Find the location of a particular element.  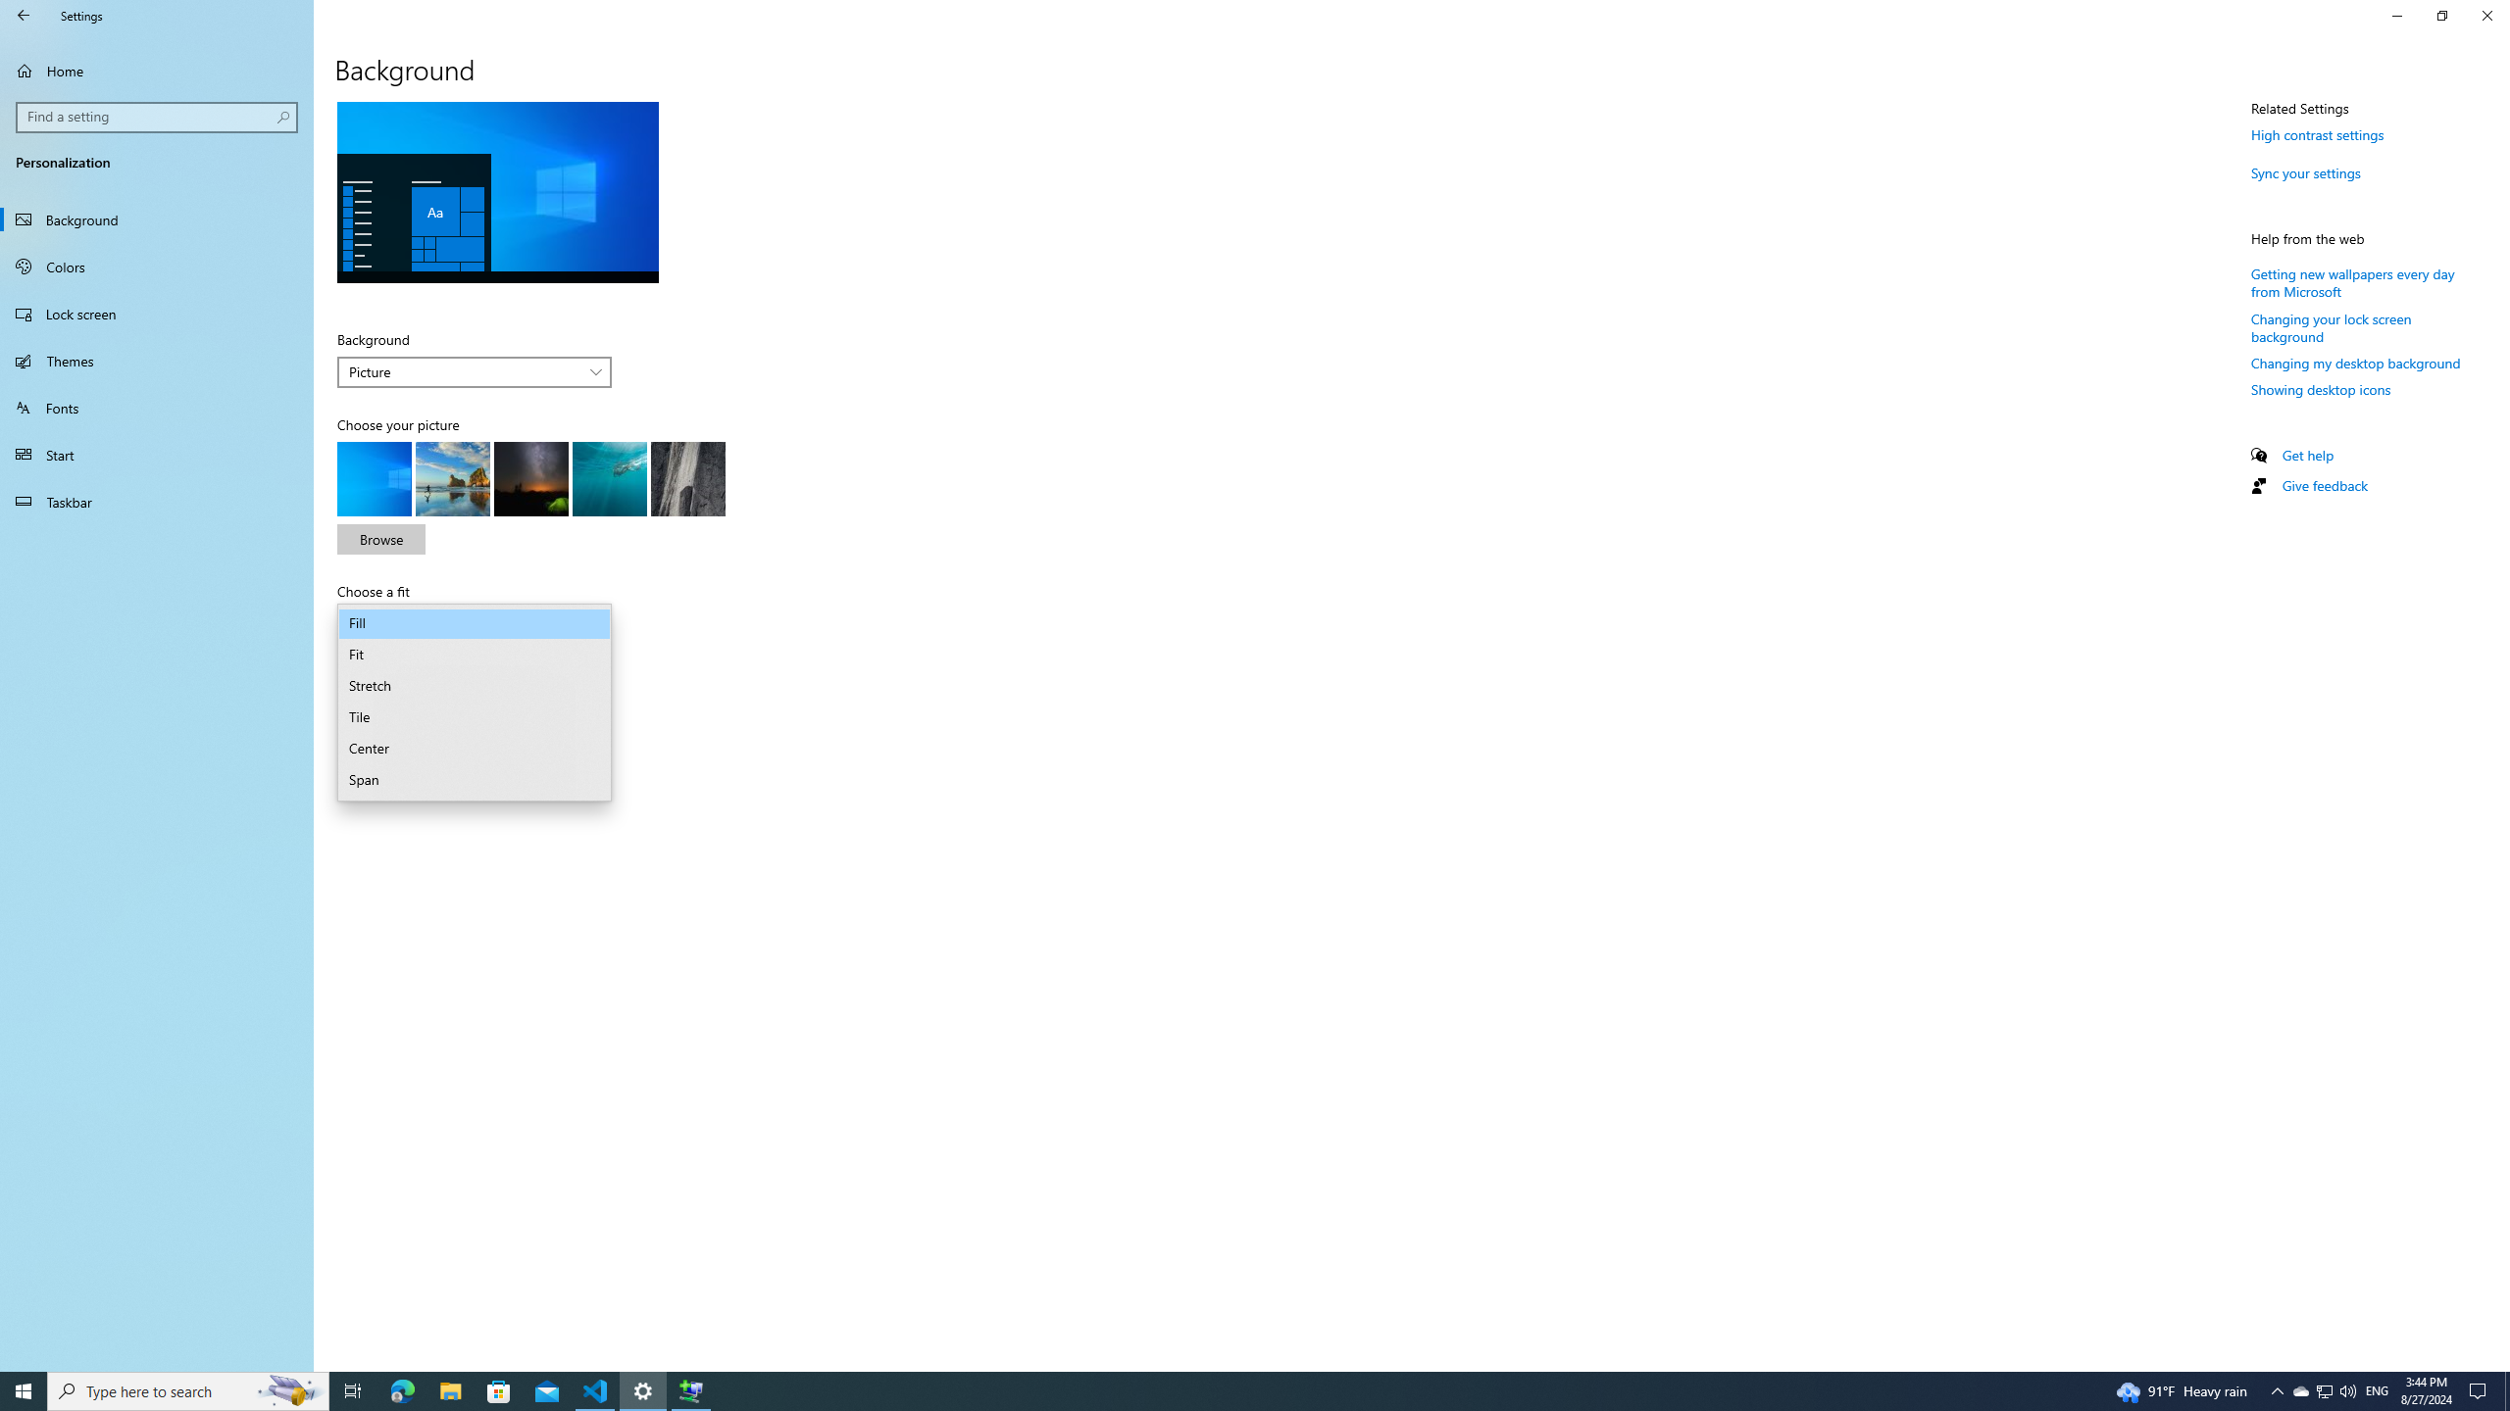

'Minimize Settings' is located at coordinates (2395, 15).